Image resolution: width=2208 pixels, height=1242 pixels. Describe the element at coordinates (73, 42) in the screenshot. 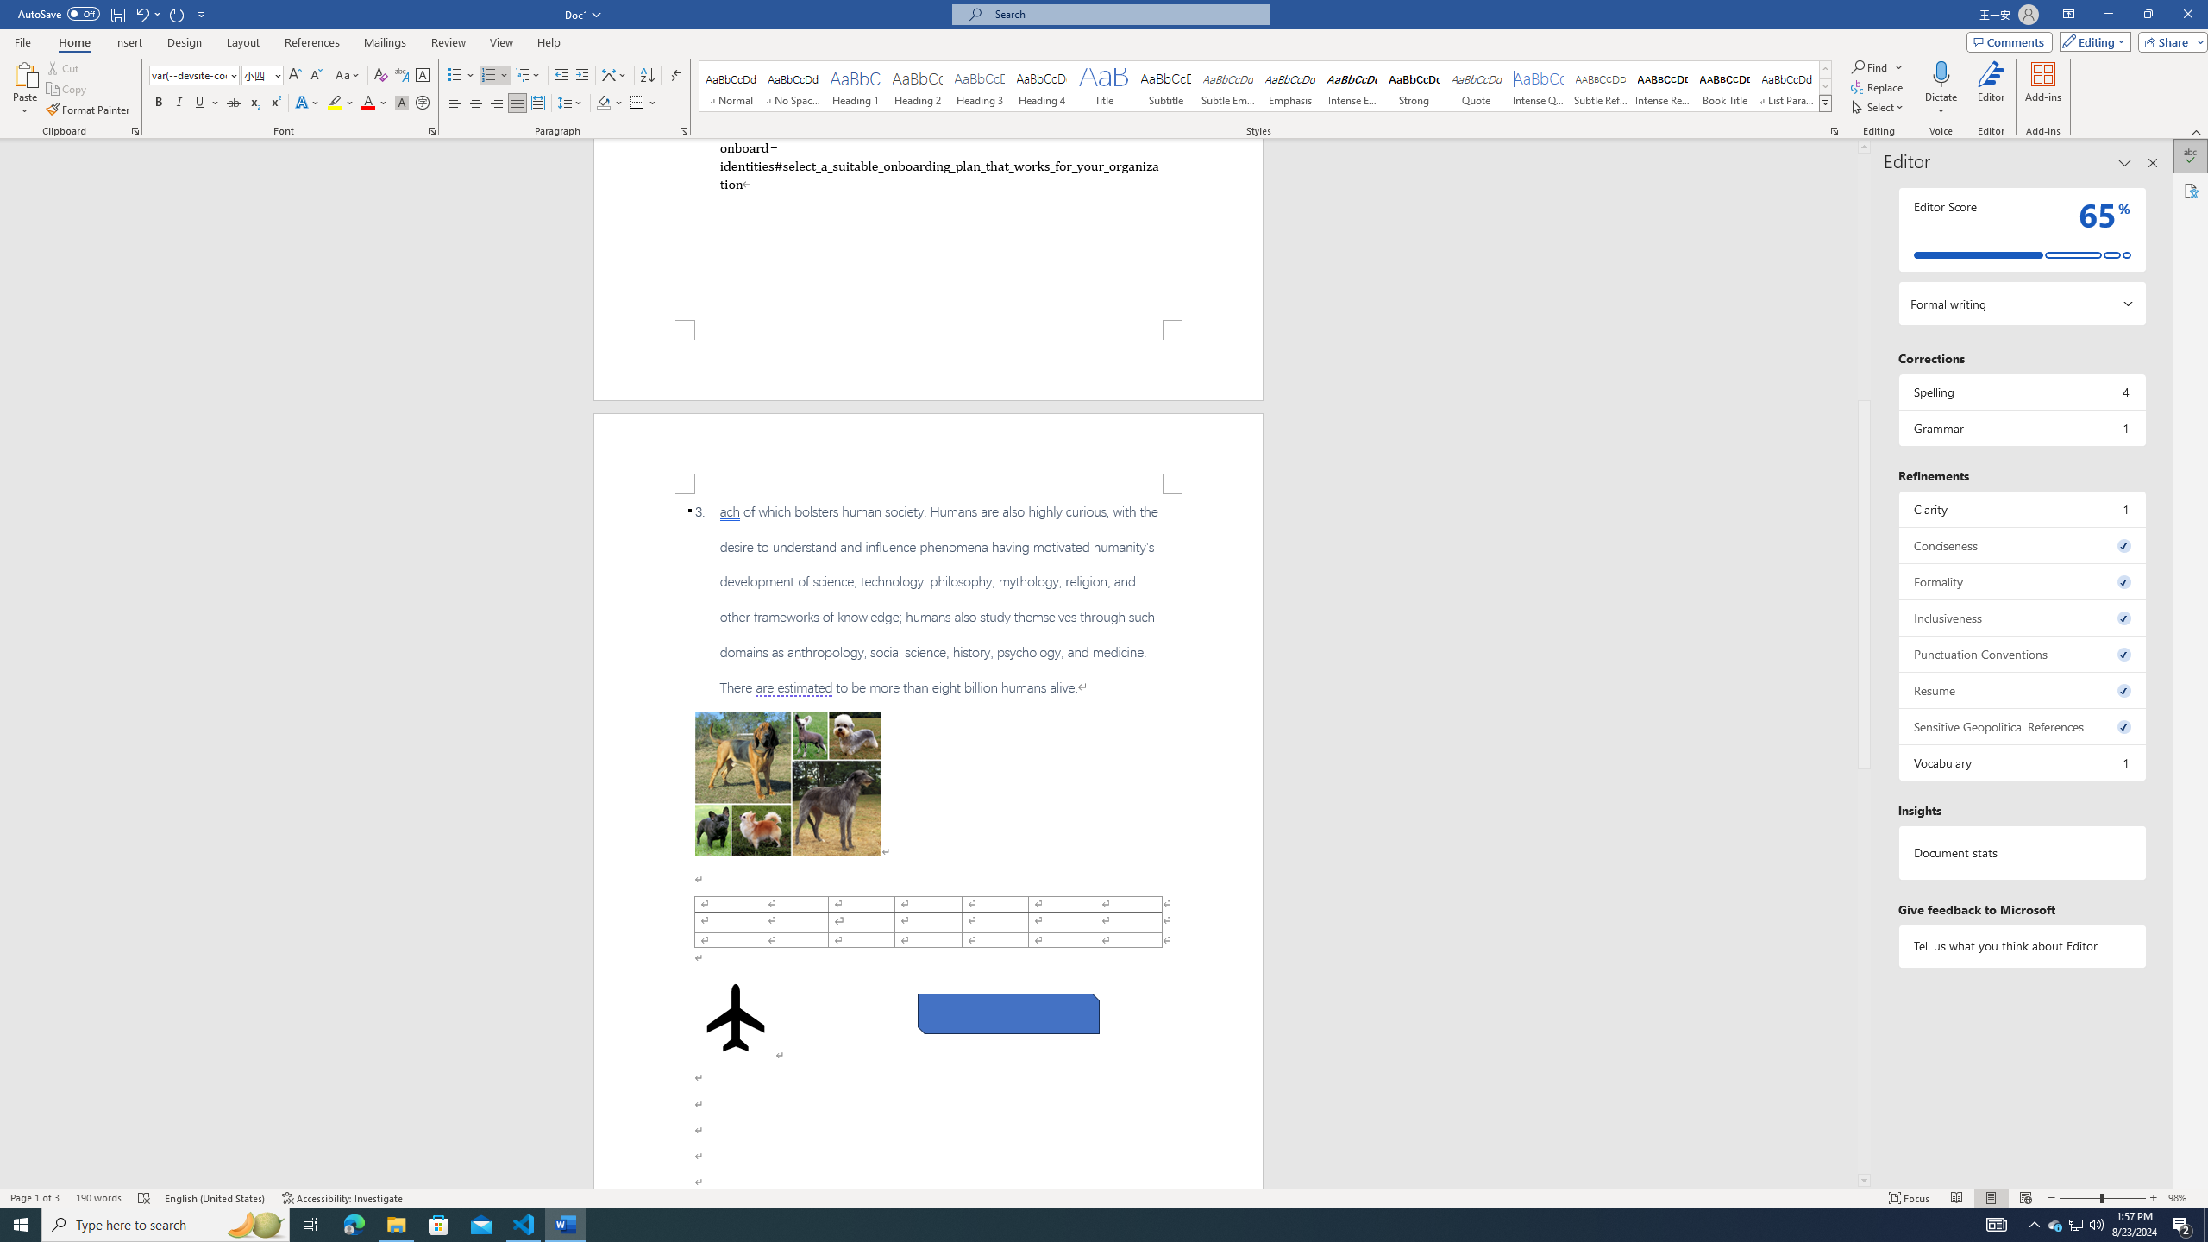

I see `'Home'` at that location.